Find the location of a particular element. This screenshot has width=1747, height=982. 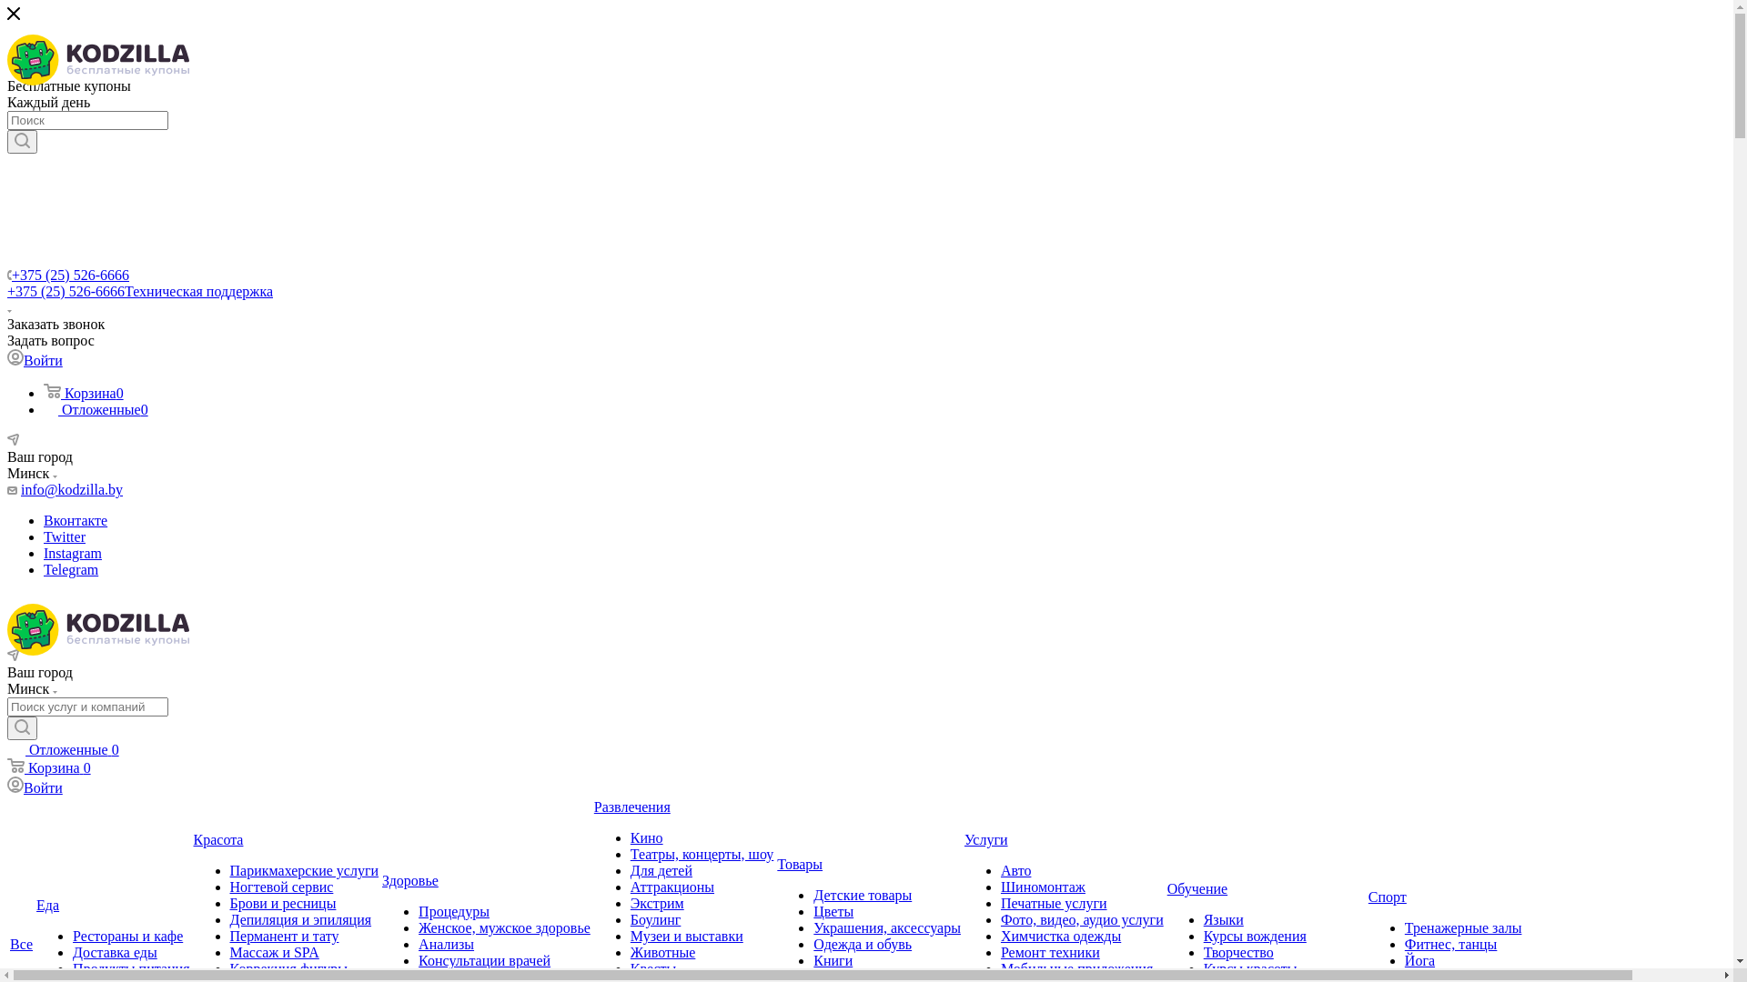

'Instagram' is located at coordinates (73, 552).